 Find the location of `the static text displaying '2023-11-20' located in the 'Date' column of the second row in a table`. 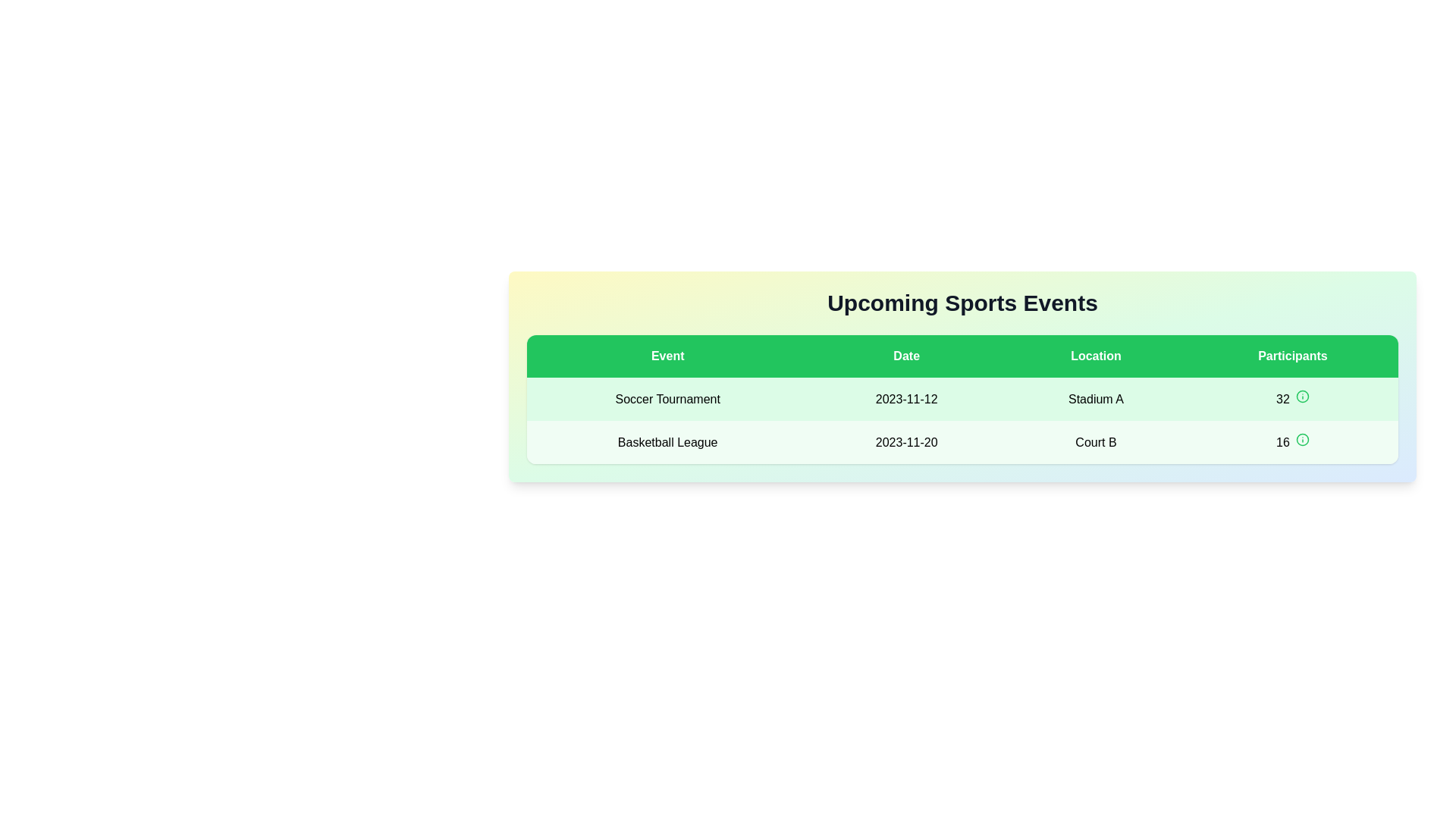

the static text displaying '2023-11-20' located in the 'Date' column of the second row in a table is located at coordinates (906, 442).